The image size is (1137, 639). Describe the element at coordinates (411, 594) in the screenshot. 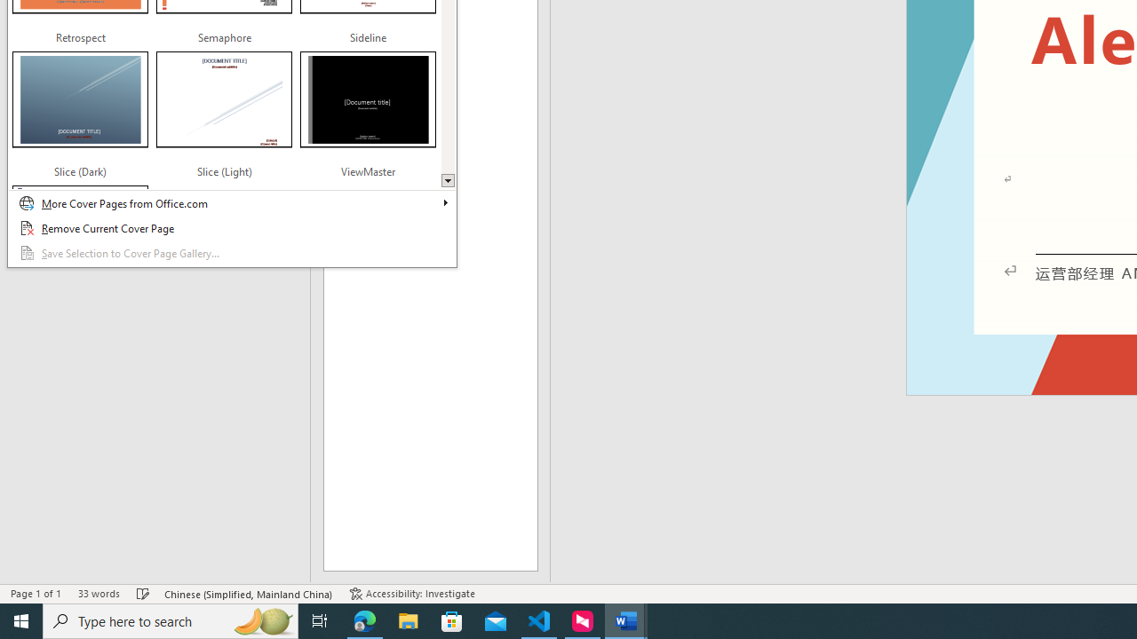

I see `'Accessibility Checker Accessibility: Investigate'` at that location.